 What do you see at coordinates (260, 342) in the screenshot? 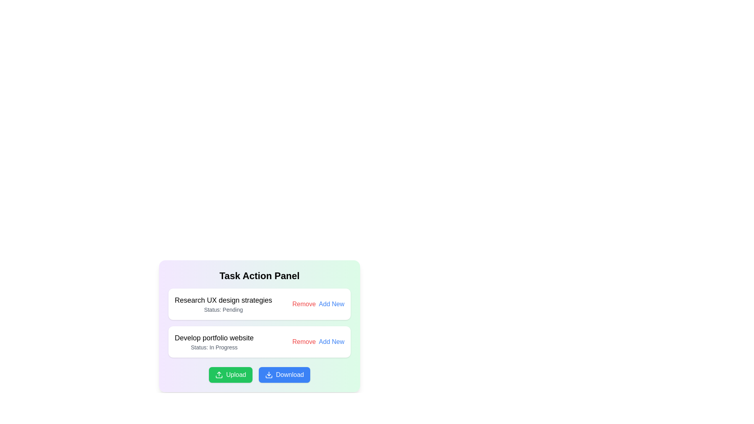
I see `the rectangular section titled 'Develop portfolio website'` at bounding box center [260, 342].